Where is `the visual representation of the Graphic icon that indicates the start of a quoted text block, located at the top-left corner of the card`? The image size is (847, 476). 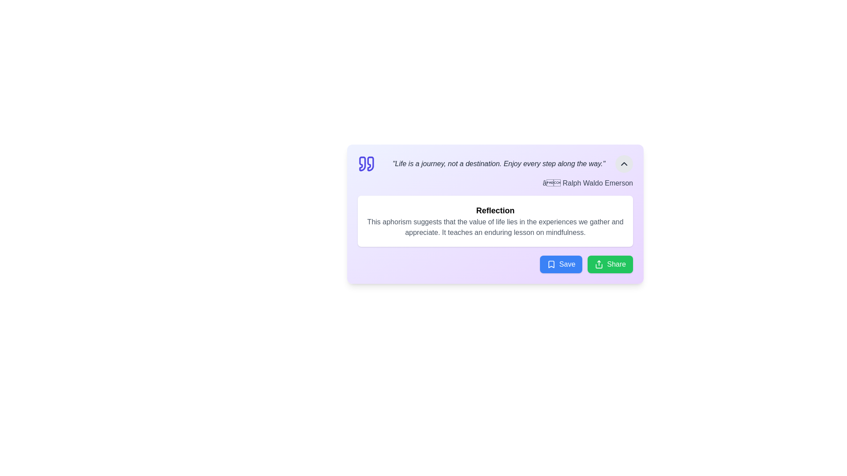
the visual representation of the Graphic icon that indicates the start of a quoted text block, located at the top-left corner of the card is located at coordinates (366, 164).